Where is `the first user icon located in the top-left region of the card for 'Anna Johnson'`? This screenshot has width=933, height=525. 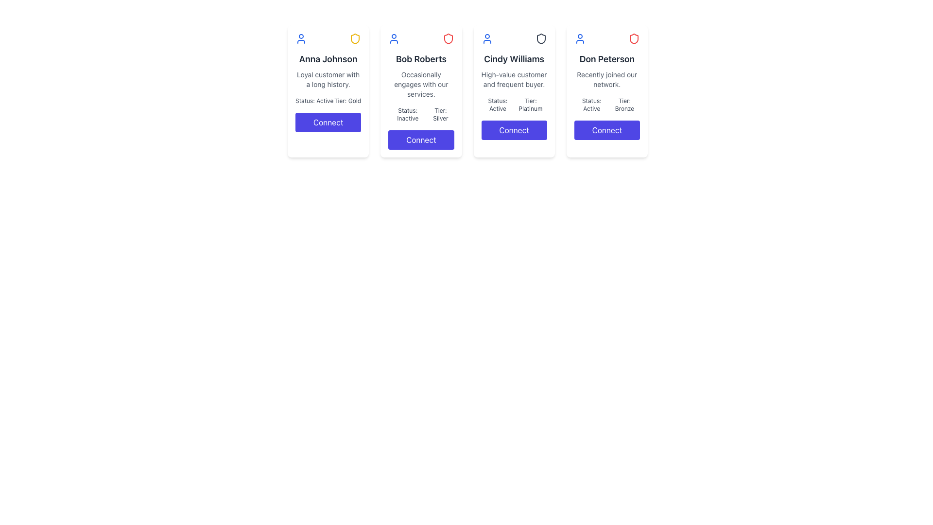 the first user icon located in the top-left region of the card for 'Anna Johnson' is located at coordinates (300, 38).